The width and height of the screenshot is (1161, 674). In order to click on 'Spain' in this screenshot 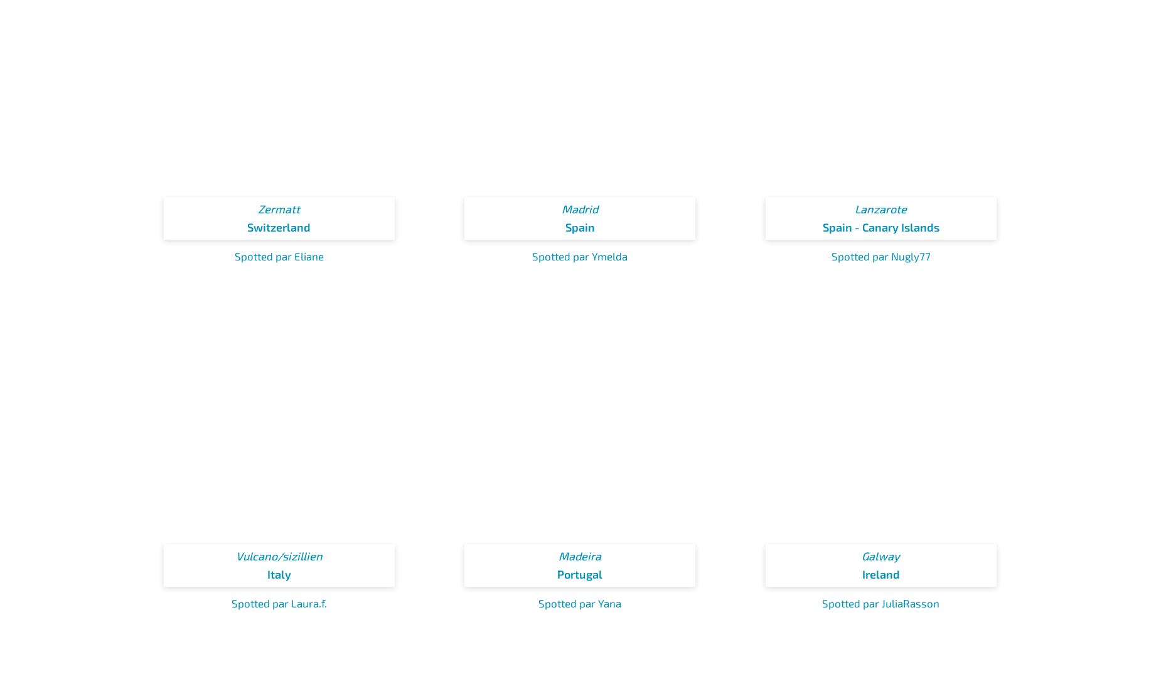, I will do `click(579, 227)`.